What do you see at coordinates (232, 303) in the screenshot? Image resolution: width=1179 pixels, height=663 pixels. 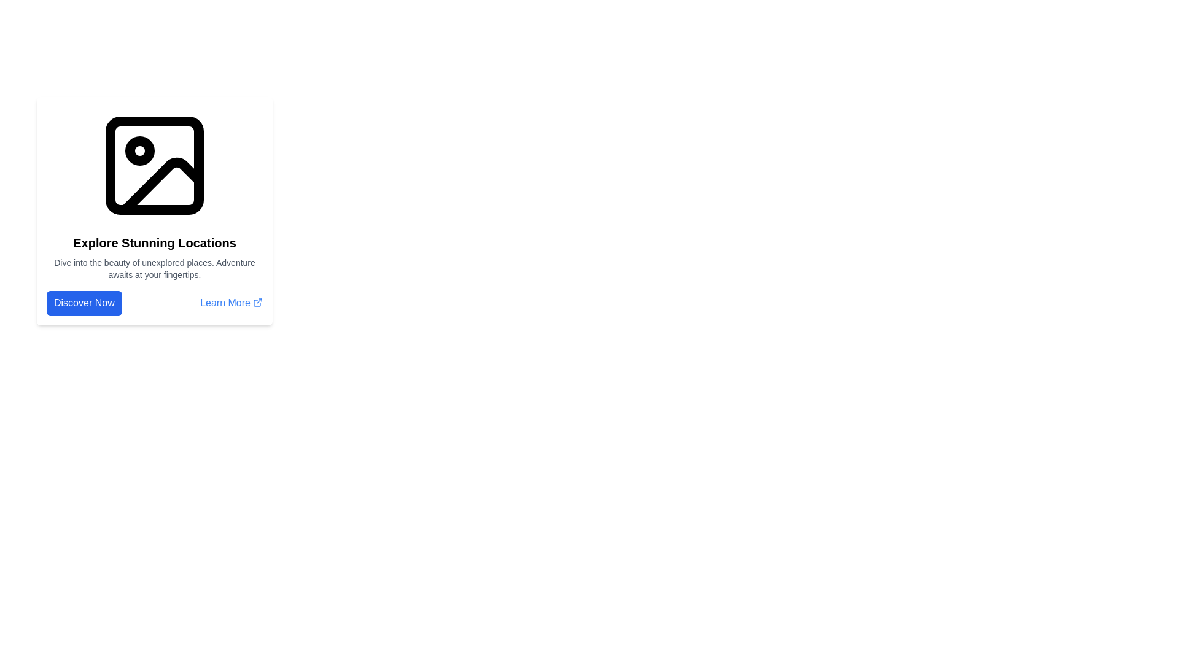 I see `the 'Learn More' hyperlink, which is styled with blue text and an external link icon, located to the right of the 'Discover Now' button` at bounding box center [232, 303].